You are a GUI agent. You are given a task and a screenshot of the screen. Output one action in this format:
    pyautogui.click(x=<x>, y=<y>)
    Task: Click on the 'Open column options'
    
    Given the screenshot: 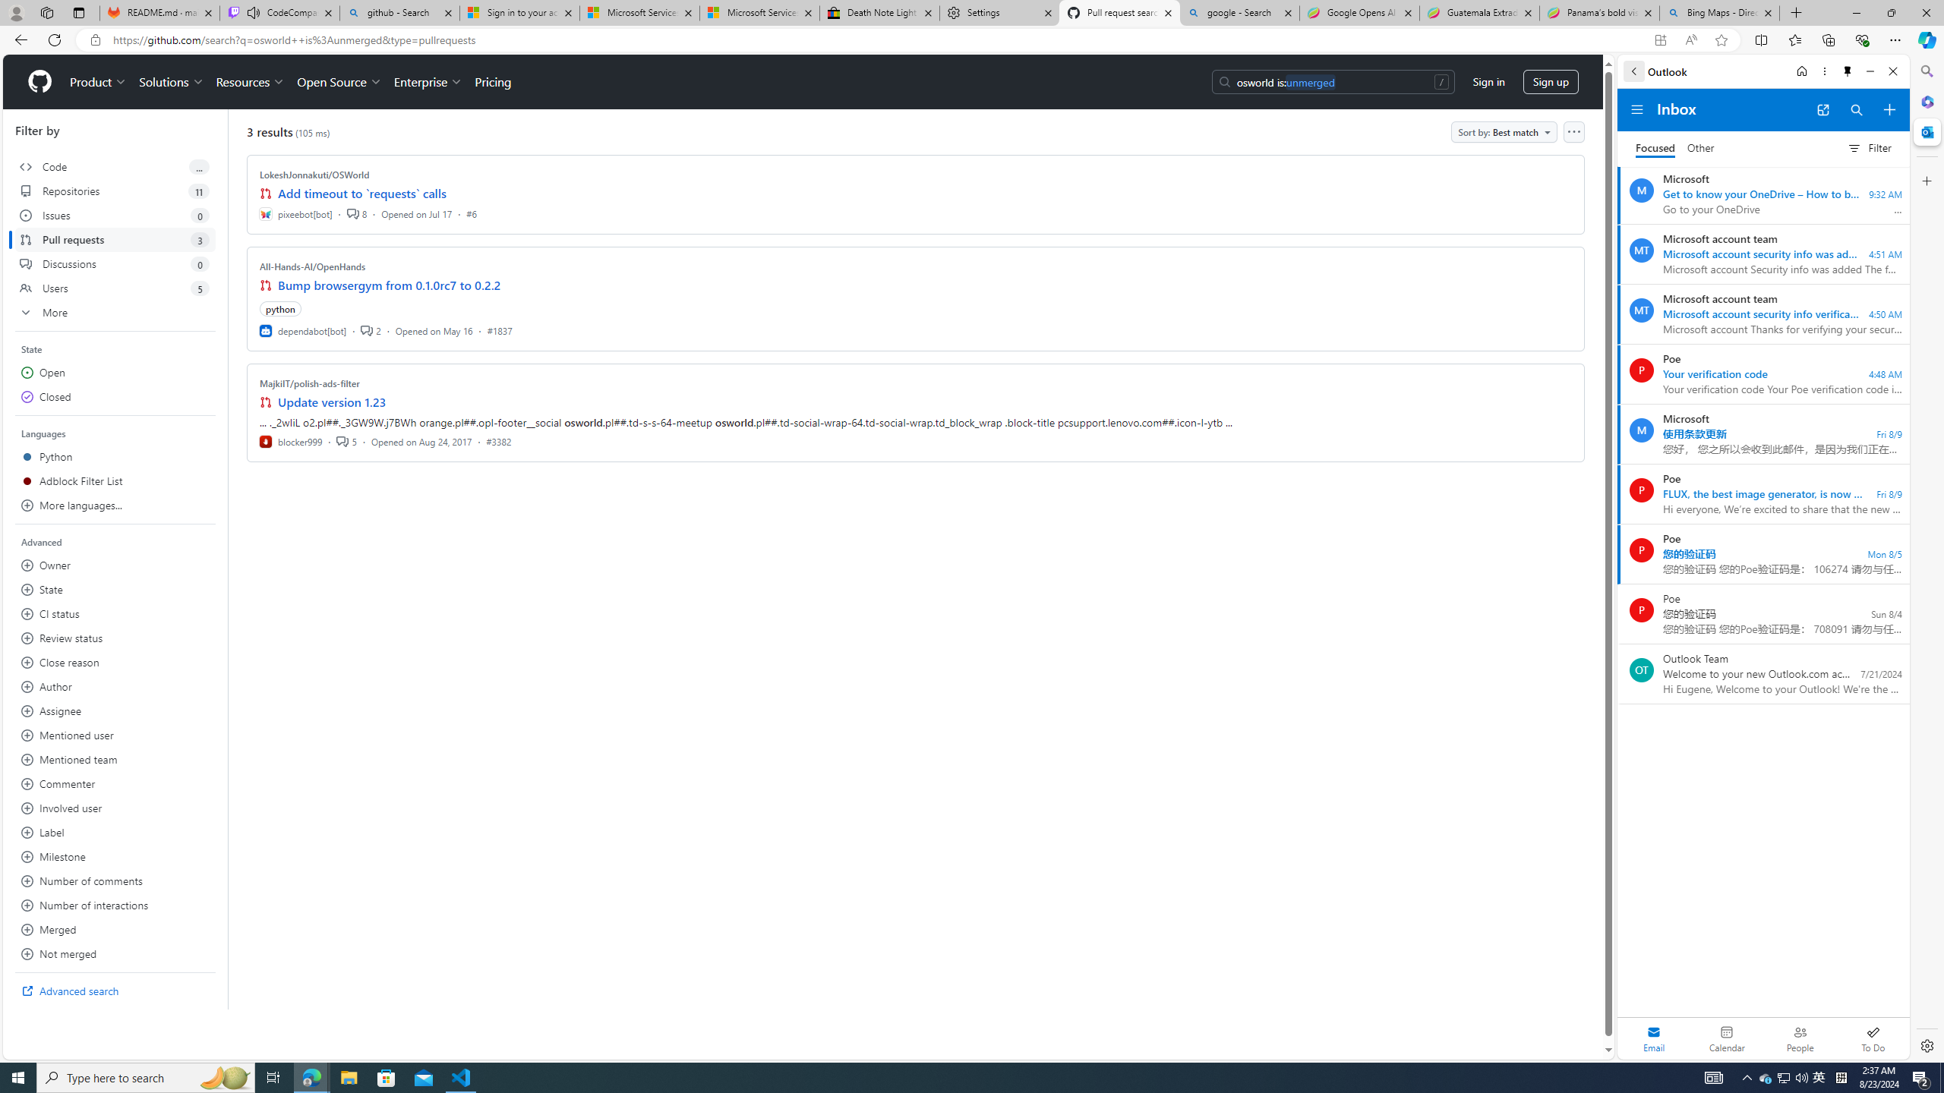 What is the action you would take?
    pyautogui.click(x=1573, y=131)
    